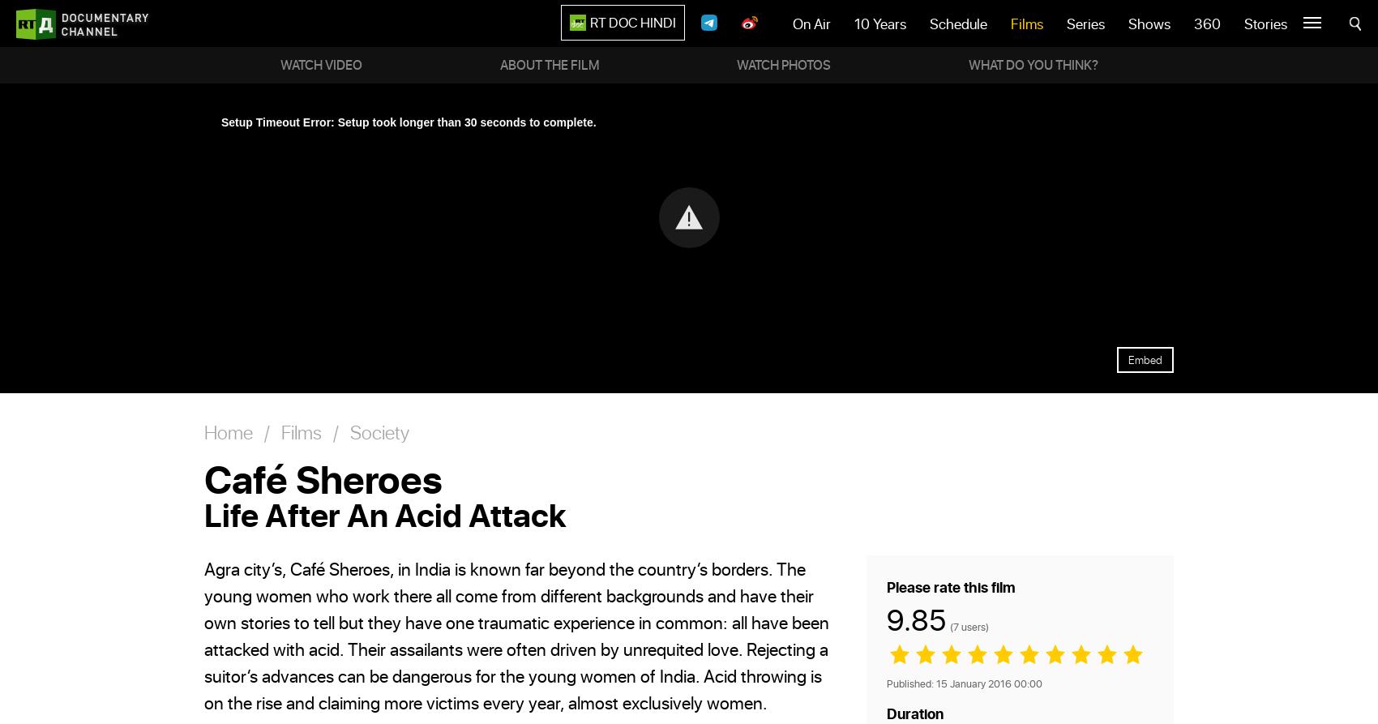 The width and height of the screenshot is (1378, 724). Describe the element at coordinates (968, 625) in the screenshot. I see `'(7 users)'` at that location.